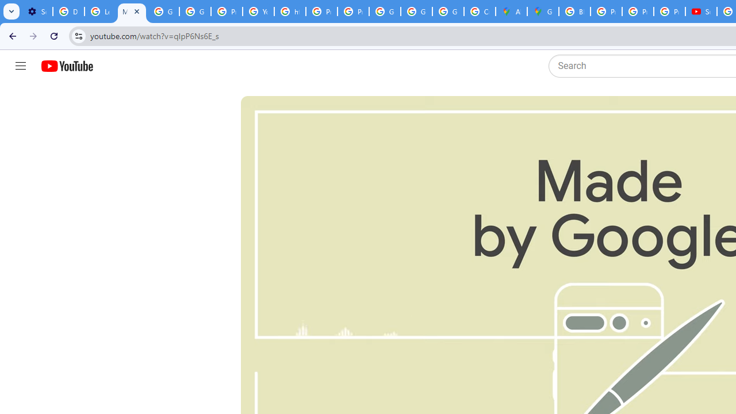  I want to click on 'Privacy Help Center - Policies Help', so click(605, 11).